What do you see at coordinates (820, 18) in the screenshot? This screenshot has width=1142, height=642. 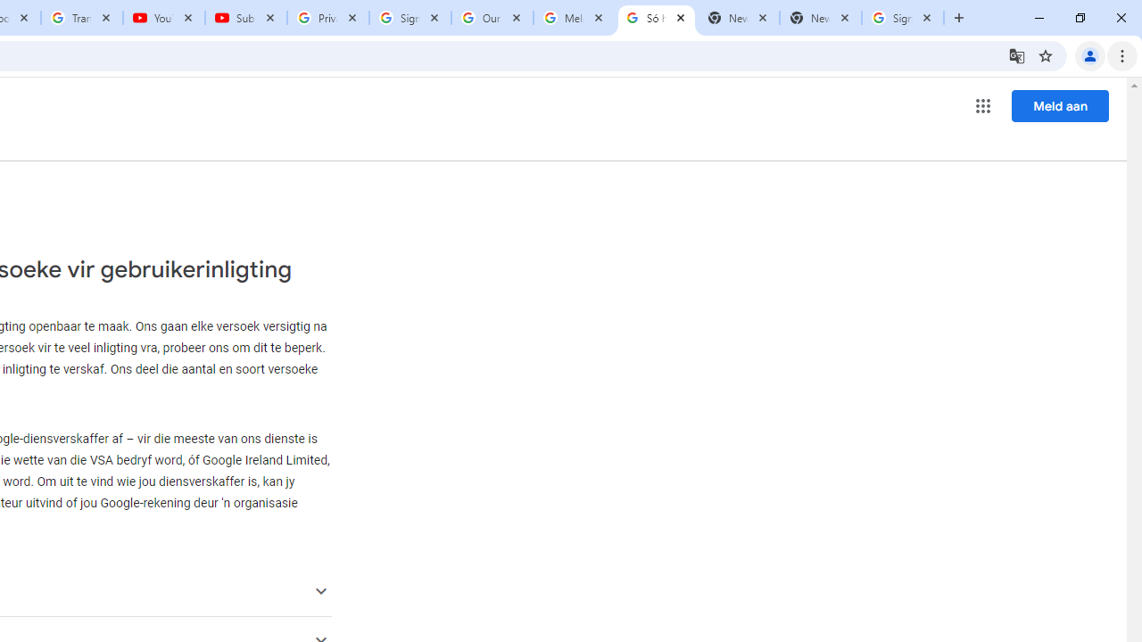 I see `'New Tab'` at bounding box center [820, 18].